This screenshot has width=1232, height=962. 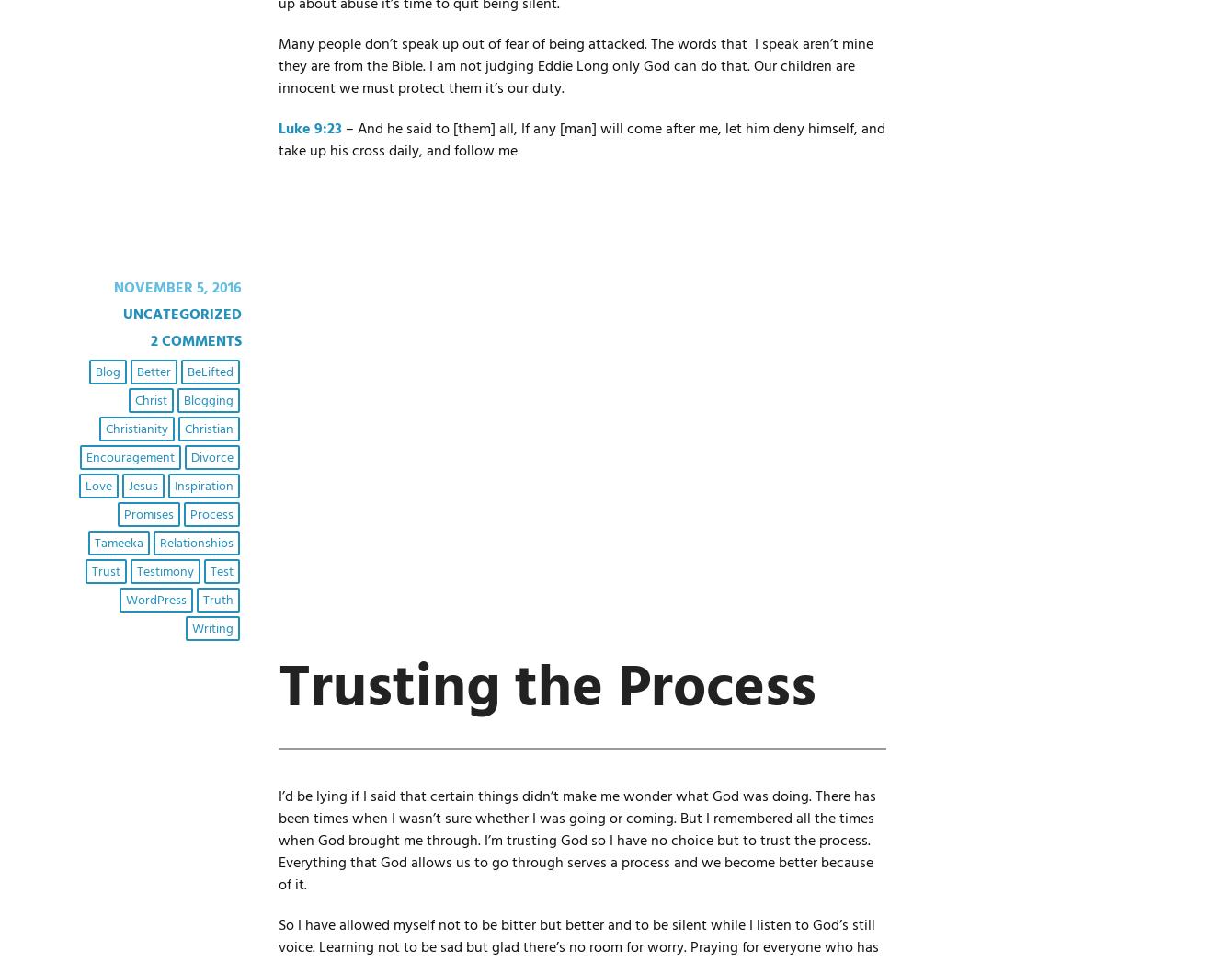 What do you see at coordinates (135, 428) in the screenshot?
I see `'Christianity'` at bounding box center [135, 428].